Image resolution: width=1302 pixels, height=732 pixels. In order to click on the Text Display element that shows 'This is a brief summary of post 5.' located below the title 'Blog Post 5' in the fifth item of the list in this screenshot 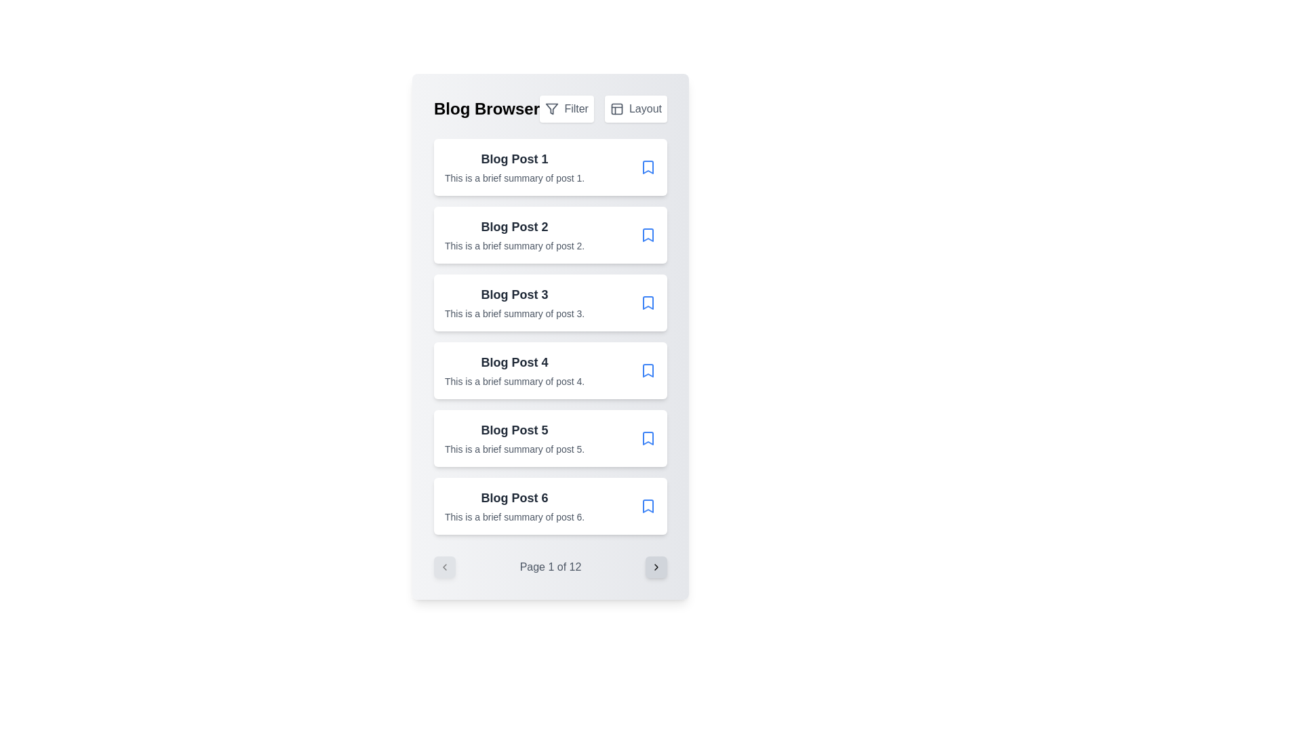, I will do `click(514, 449)`.